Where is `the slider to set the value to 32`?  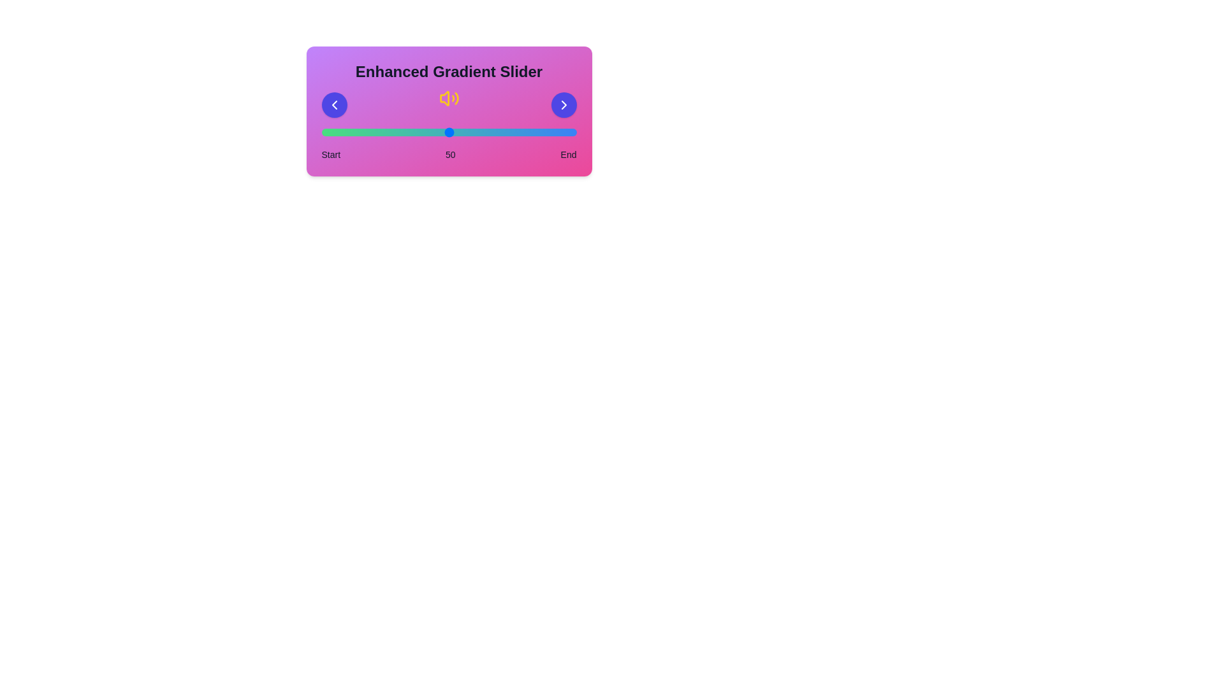 the slider to set the value to 32 is located at coordinates (402, 133).